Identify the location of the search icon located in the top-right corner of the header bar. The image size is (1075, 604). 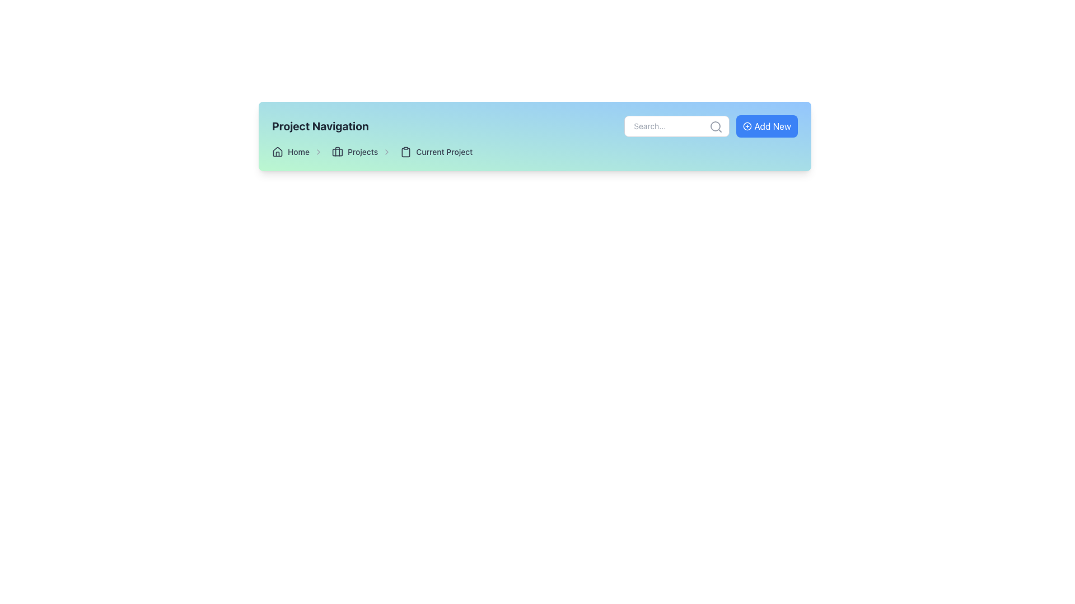
(716, 126).